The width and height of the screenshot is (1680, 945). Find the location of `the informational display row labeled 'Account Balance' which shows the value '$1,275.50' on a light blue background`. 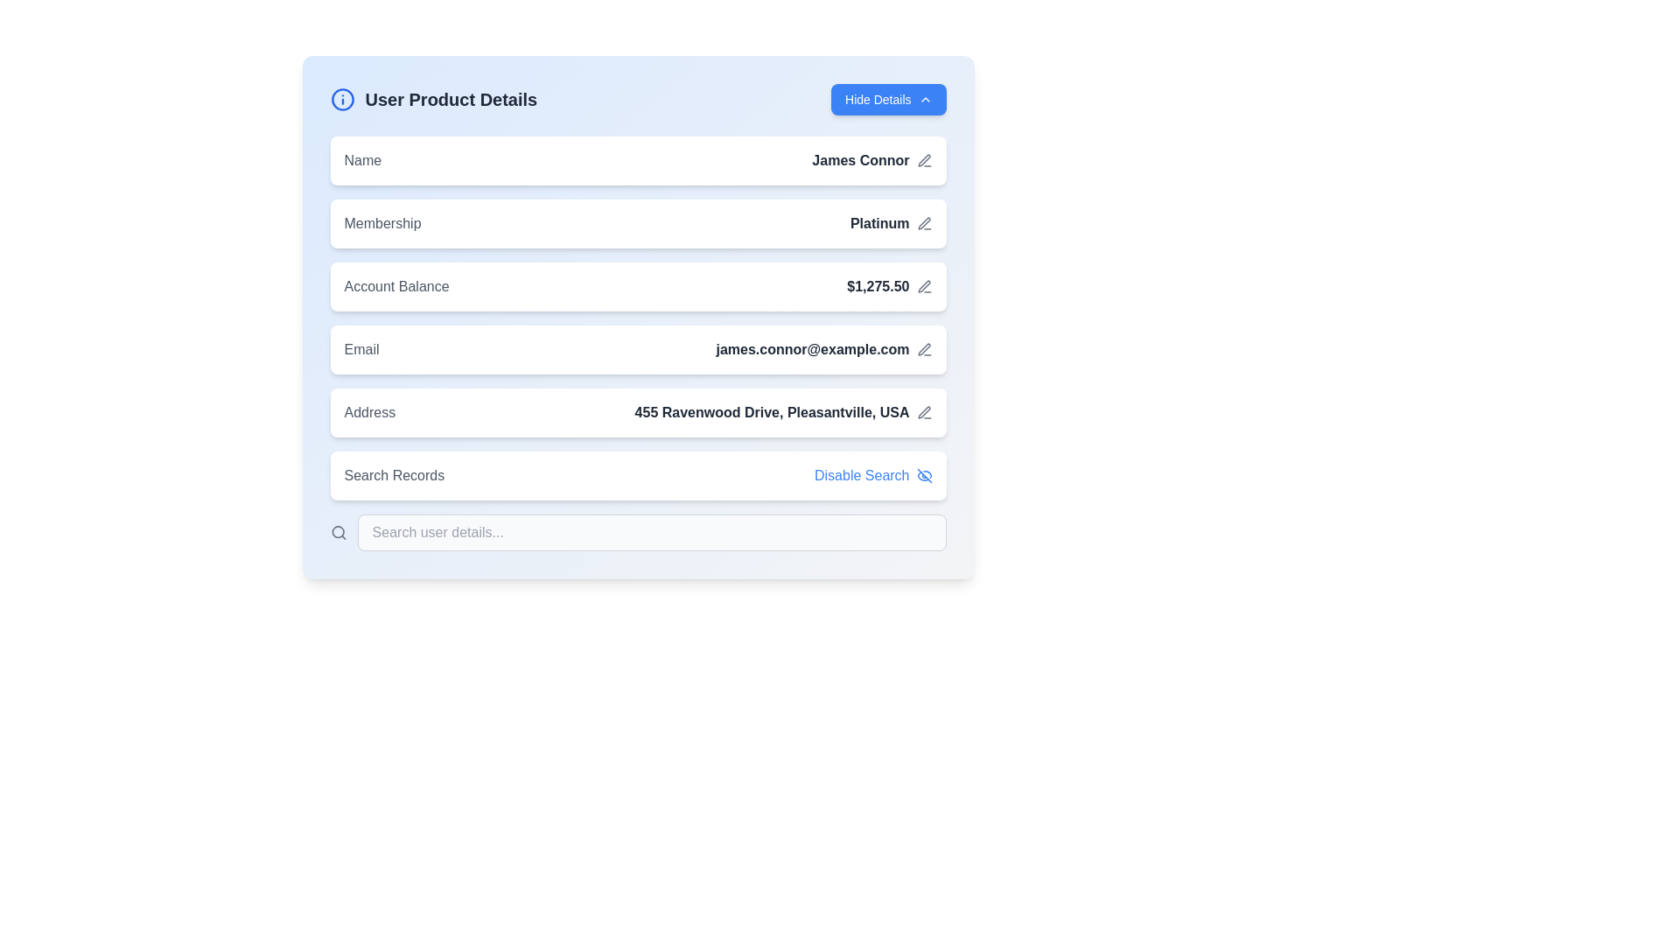

the informational display row labeled 'Account Balance' which shows the value '$1,275.50' on a light blue background is located at coordinates (637, 285).